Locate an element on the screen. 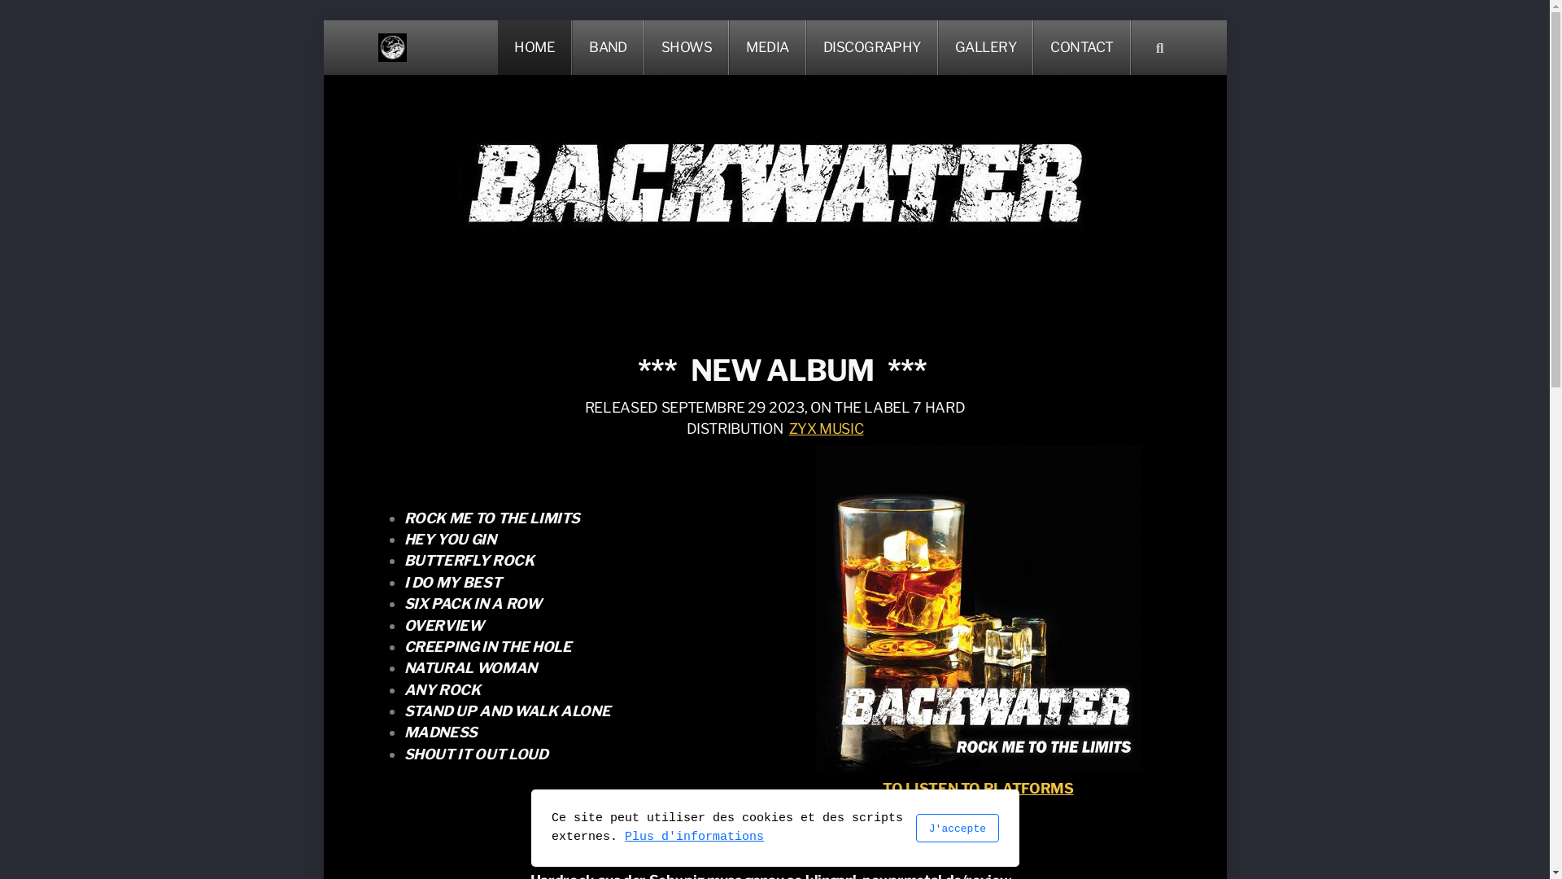 The height and width of the screenshot is (879, 1562). 'BAND' is located at coordinates (608, 46).